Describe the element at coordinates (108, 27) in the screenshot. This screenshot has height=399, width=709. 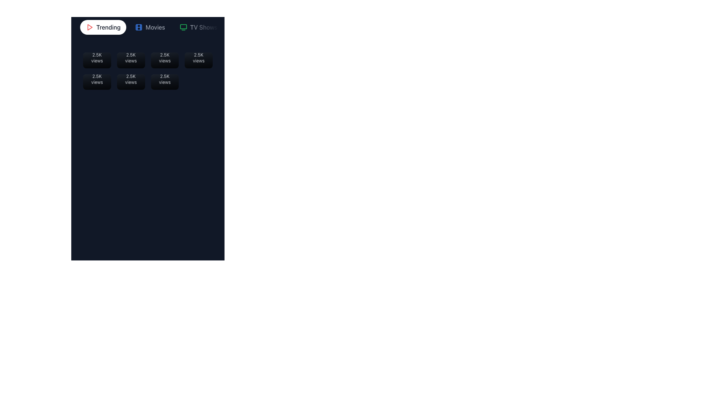
I see `the 'Trending' text label, which is part of a horizontally-oriented button with rounded corners` at that location.